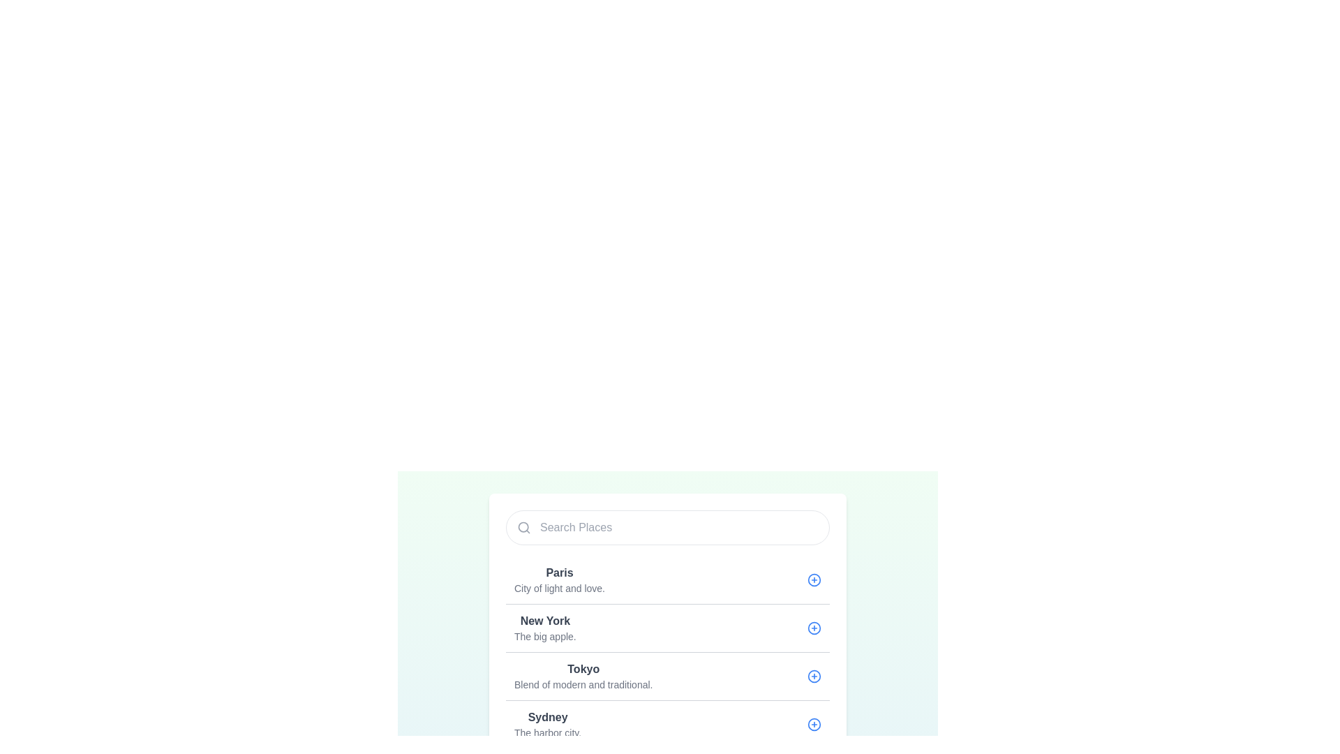  What do you see at coordinates (523, 527) in the screenshot?
I see `the circular search icon located at the far-left of the 'Search Places' input field` at bounding box center [523, 527].